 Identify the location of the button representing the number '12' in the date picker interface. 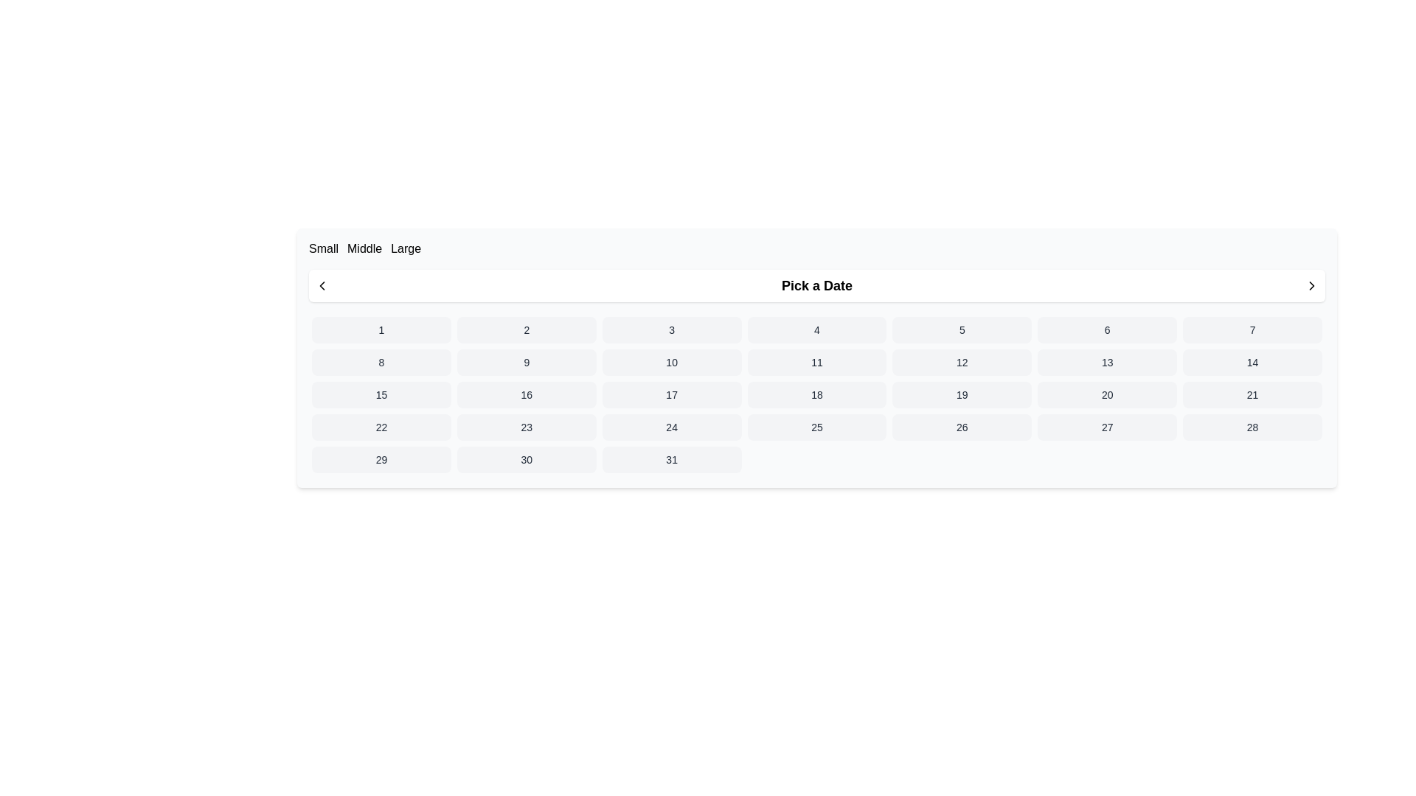
(962, 363).